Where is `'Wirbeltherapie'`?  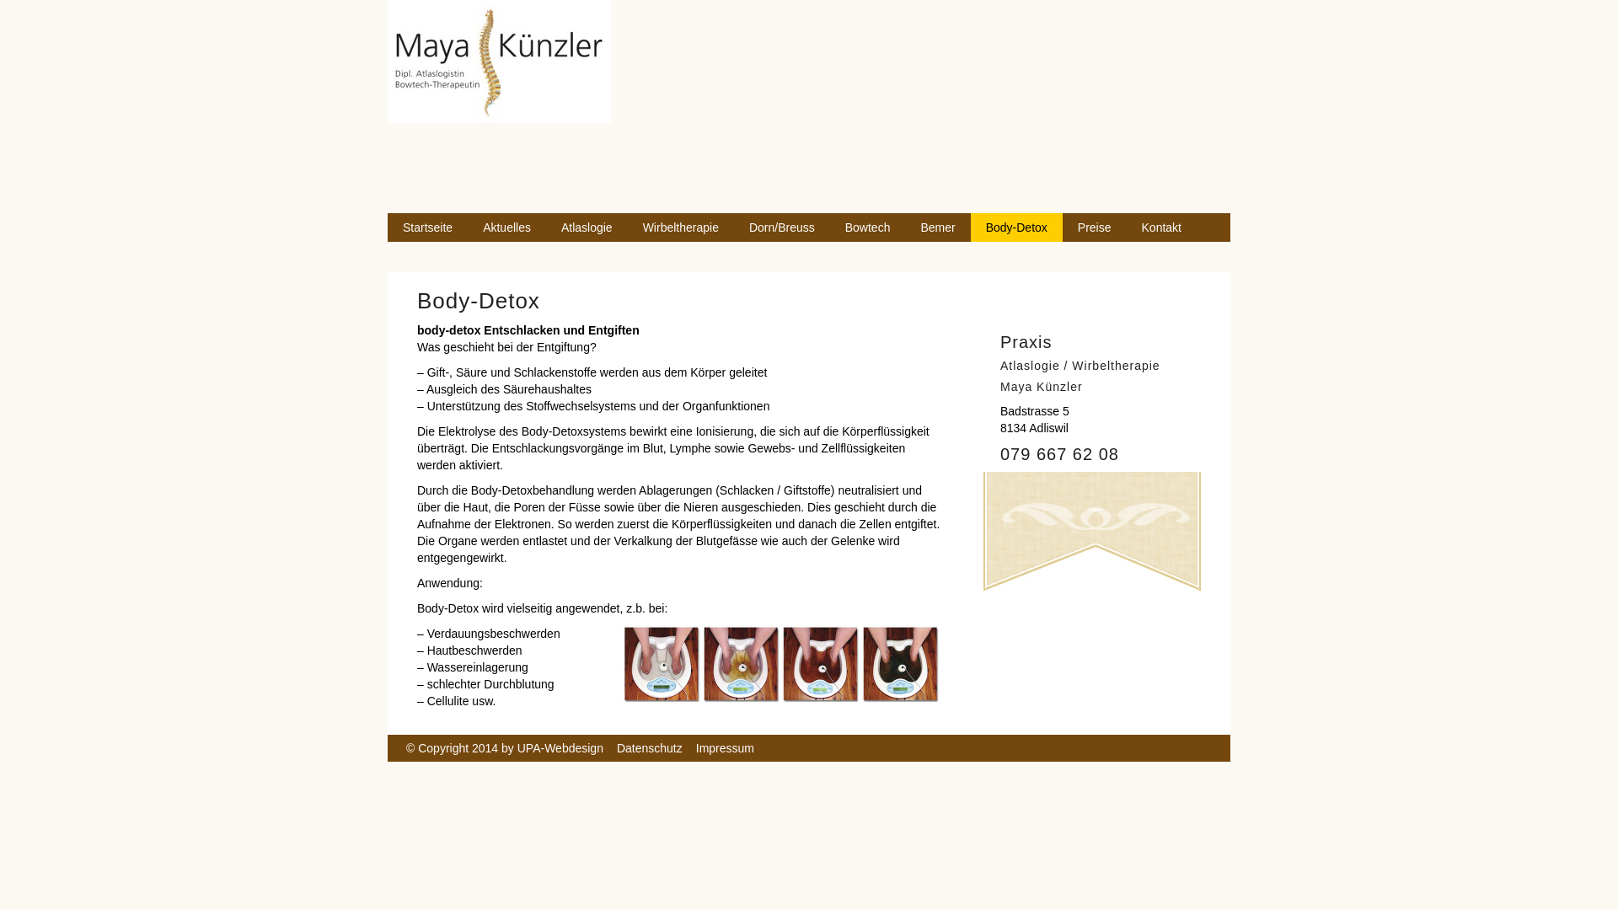
'Wirbeltherapie' is located at coordinates (680, 227).